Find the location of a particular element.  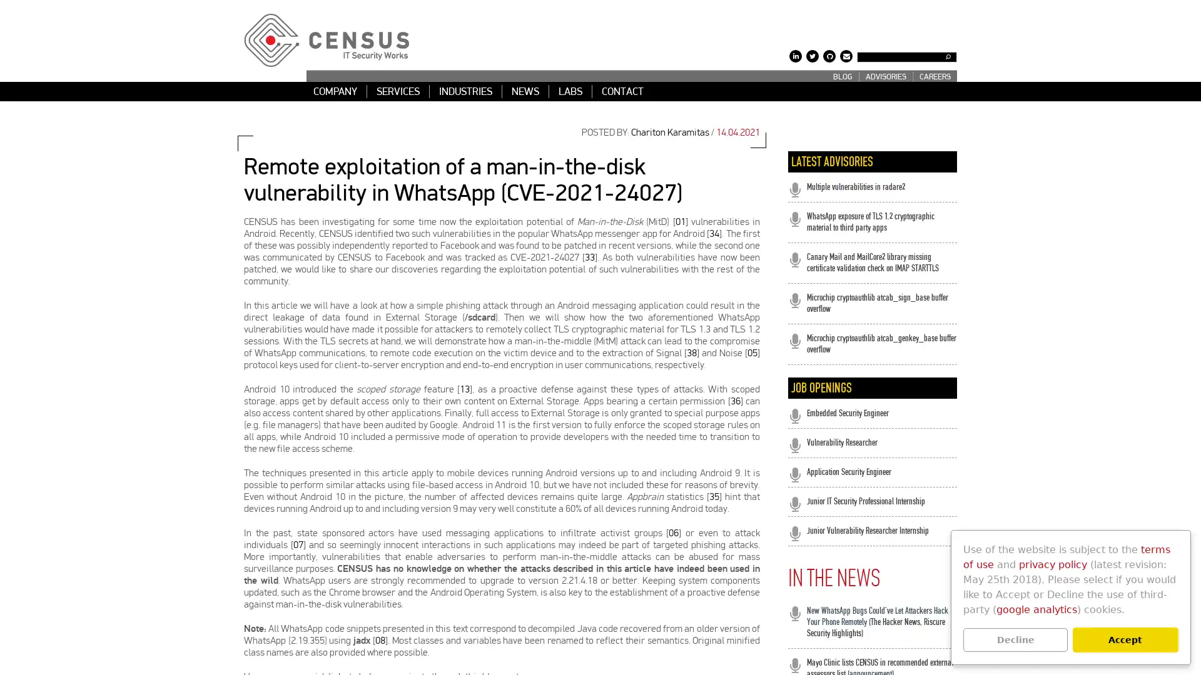

deny cookies is located at coordinates (1015, 639).